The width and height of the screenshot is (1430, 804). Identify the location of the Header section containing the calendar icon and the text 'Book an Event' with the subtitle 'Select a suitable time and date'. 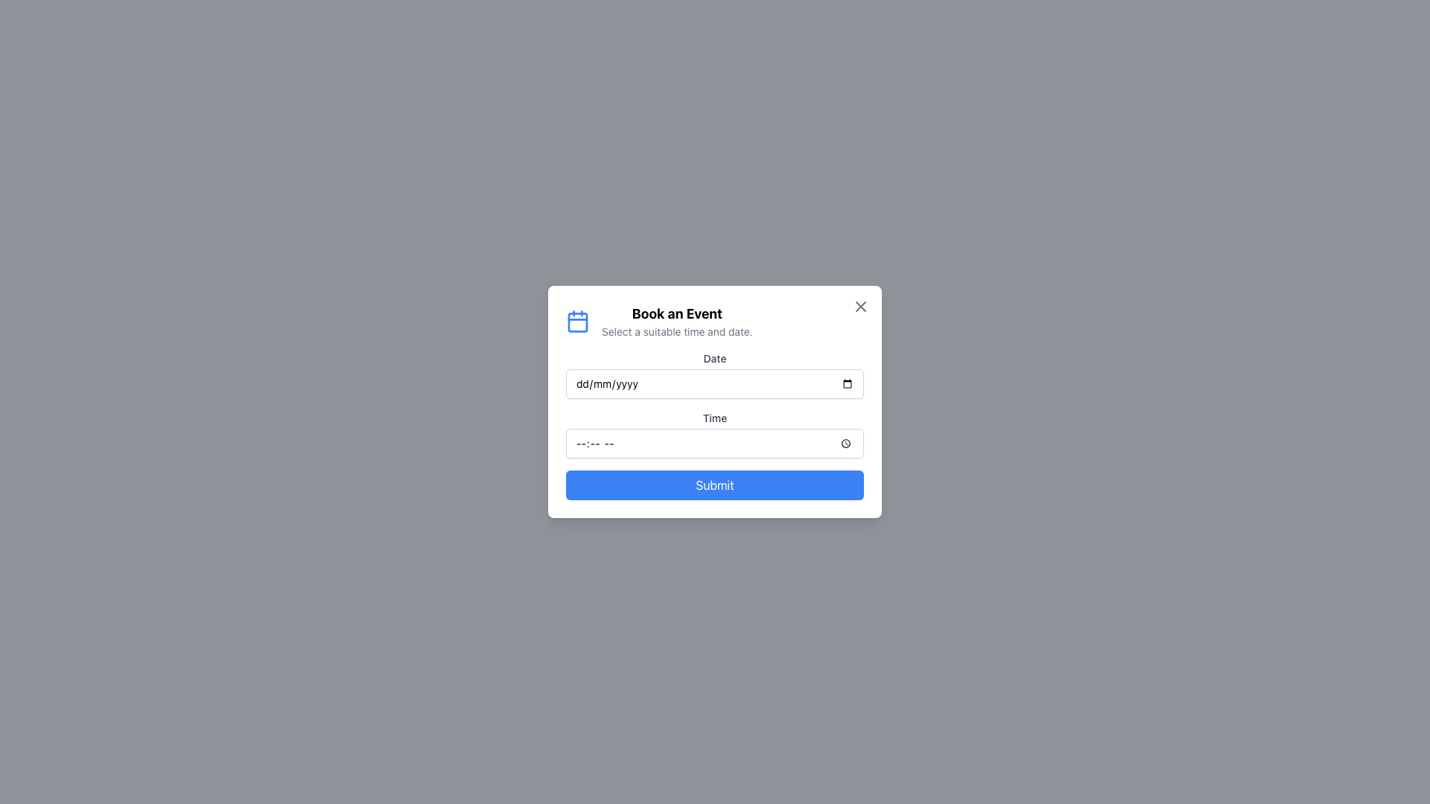
(715, 321).